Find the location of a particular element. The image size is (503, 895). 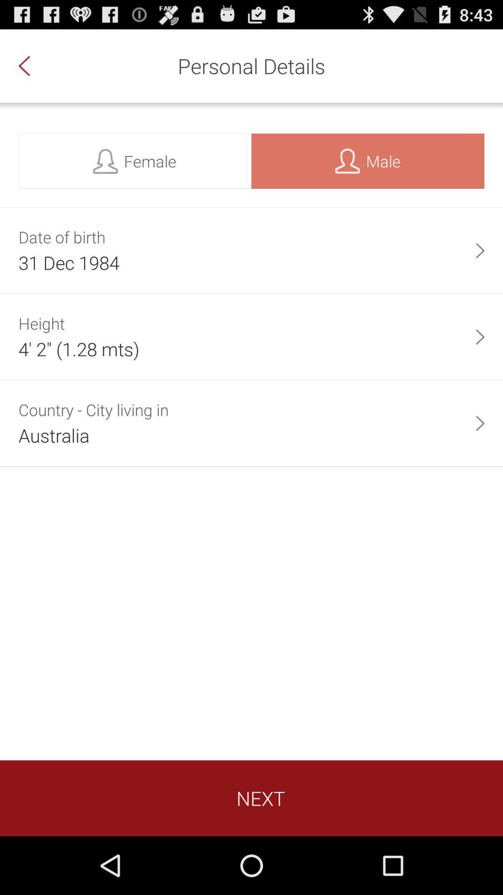

the icon next to country city living item is located at coordinates (480, 423).